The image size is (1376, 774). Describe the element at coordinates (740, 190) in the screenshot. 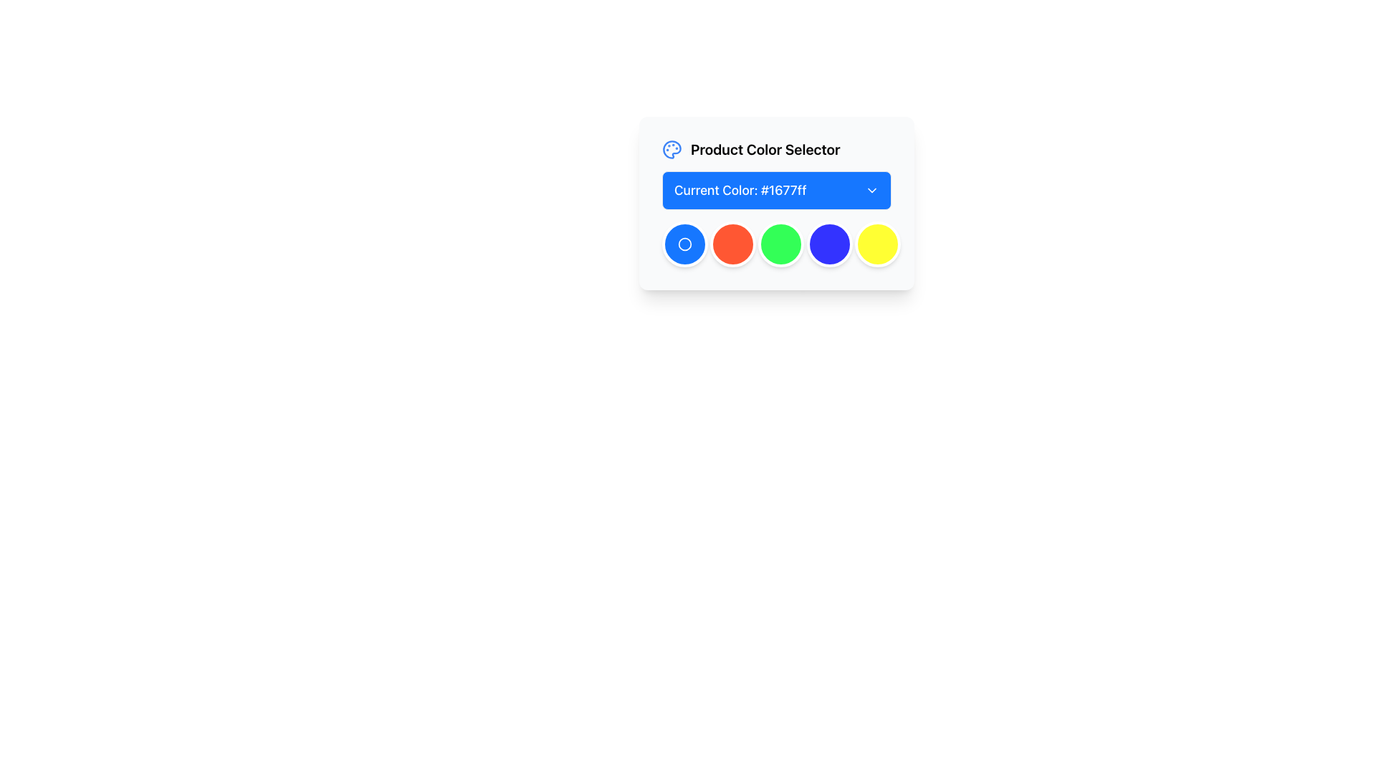

I see `the text label that reads 'Current Color: #1677ff', which is styled in medium font size and white color, located within a blue rectangular area in the upper part of the card-like interface, just below the title 'Product Color Selector'` at that location.